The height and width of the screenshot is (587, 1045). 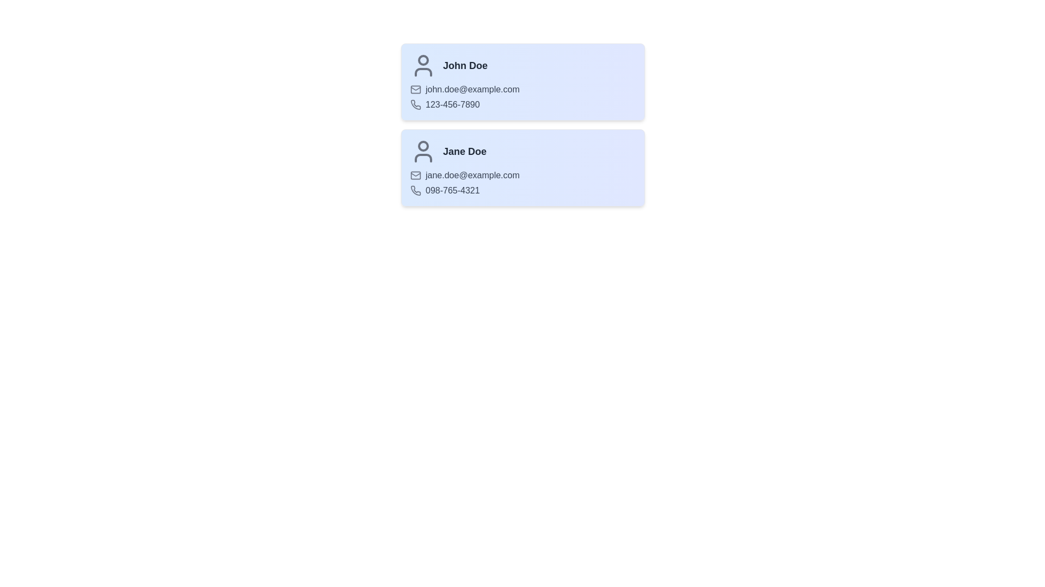 I want to click on the email icon for John Doe, so click(x=415, y=89).